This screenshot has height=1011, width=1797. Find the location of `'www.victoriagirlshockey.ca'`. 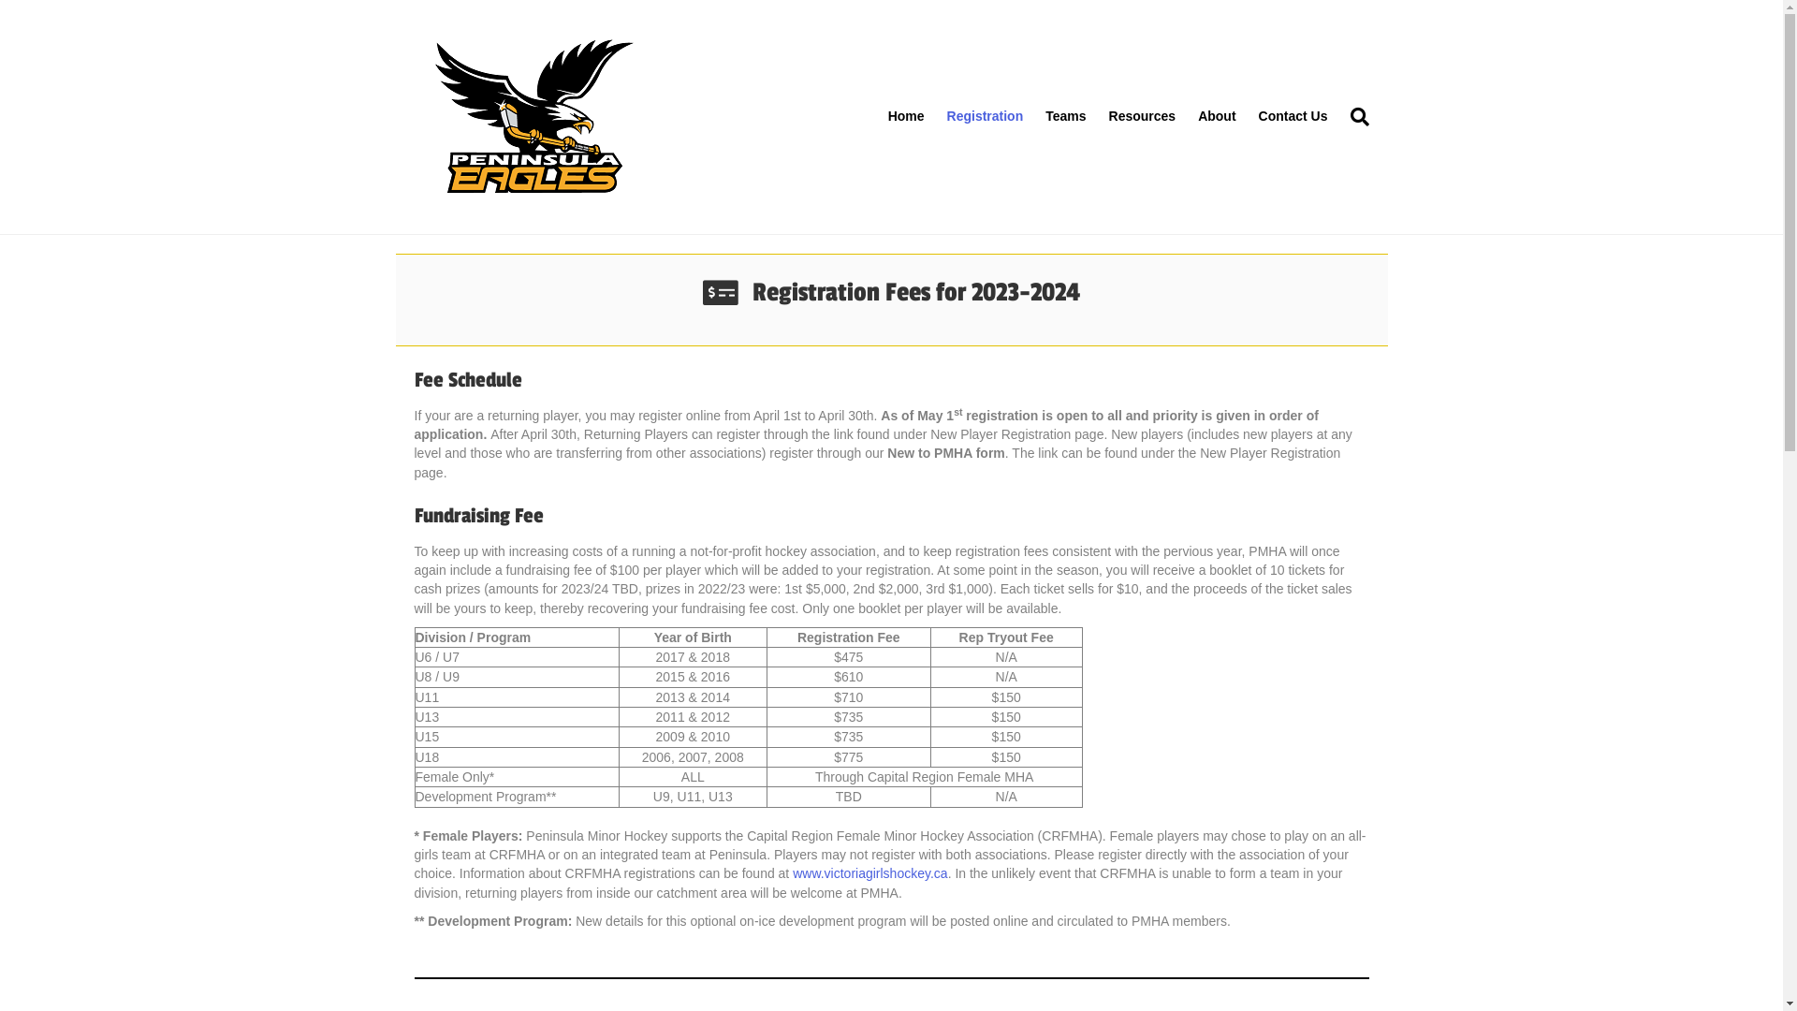

'www.victoriagirlshockey.ca' is located at coordinates (869, 873).